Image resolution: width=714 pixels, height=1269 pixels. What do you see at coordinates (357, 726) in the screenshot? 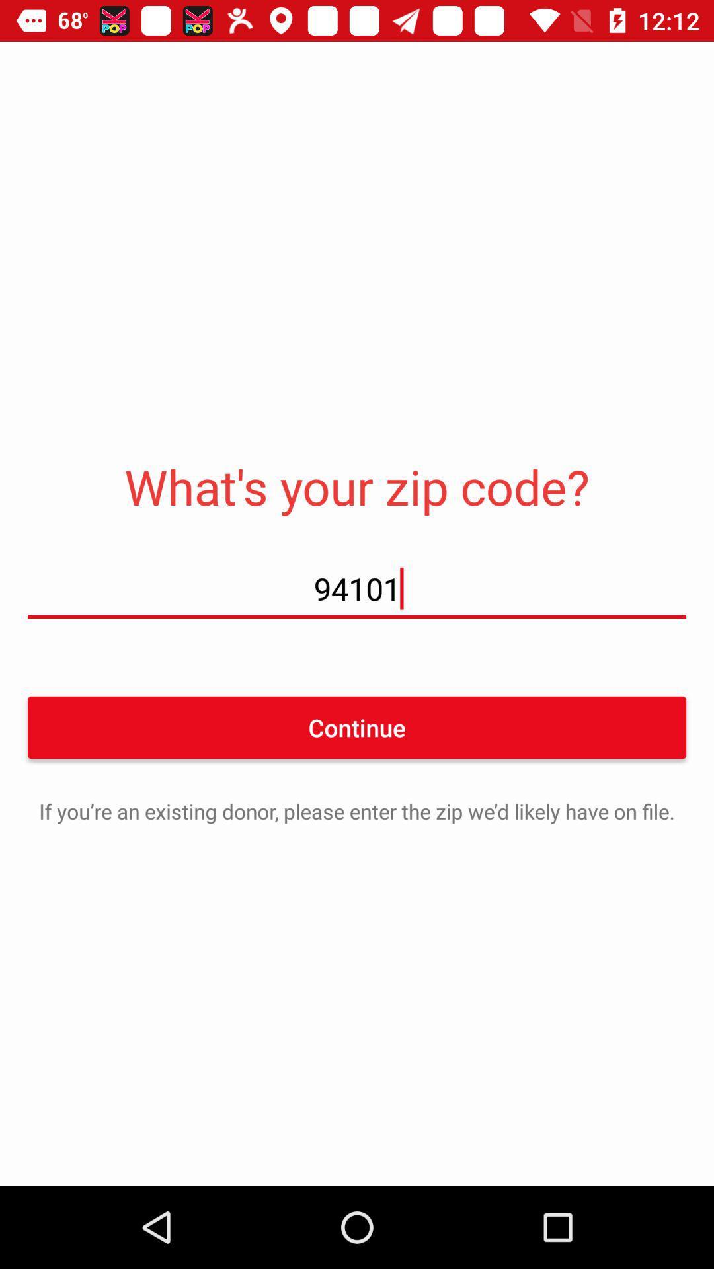
I see `the continue icon` at bounding box center [357, 726].